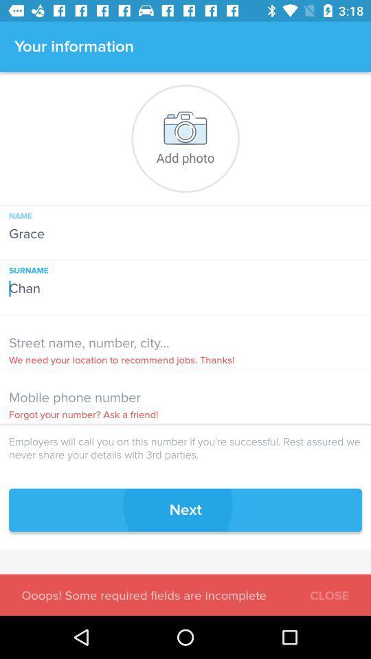  What do you see at coordinates (185, 509) in the screenshot?
I see `the next icon` at bounding box center [185, 509].